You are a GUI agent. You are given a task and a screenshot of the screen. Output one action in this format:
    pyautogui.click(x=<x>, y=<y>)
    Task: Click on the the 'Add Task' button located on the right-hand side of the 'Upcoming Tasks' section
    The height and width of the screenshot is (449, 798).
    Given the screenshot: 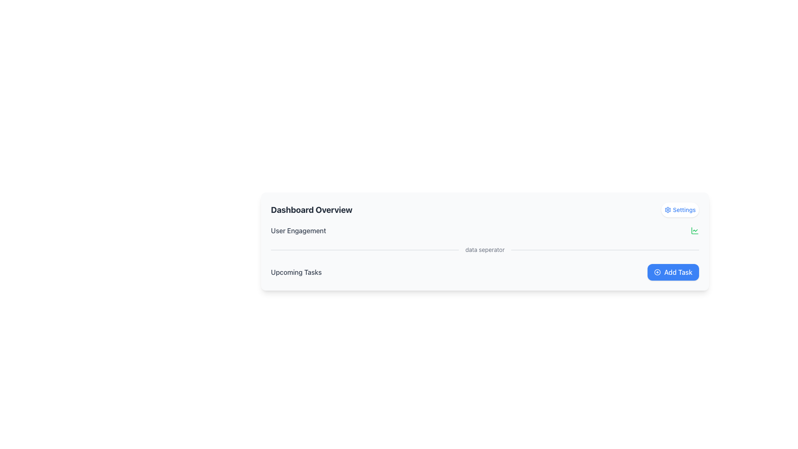 What is the action you would take?
    pyautogui.click(x=673, y=272)
    